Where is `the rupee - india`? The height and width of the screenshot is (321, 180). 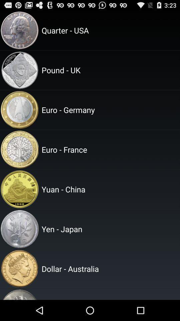
the rupee - india is located at coordinates (110, 294).